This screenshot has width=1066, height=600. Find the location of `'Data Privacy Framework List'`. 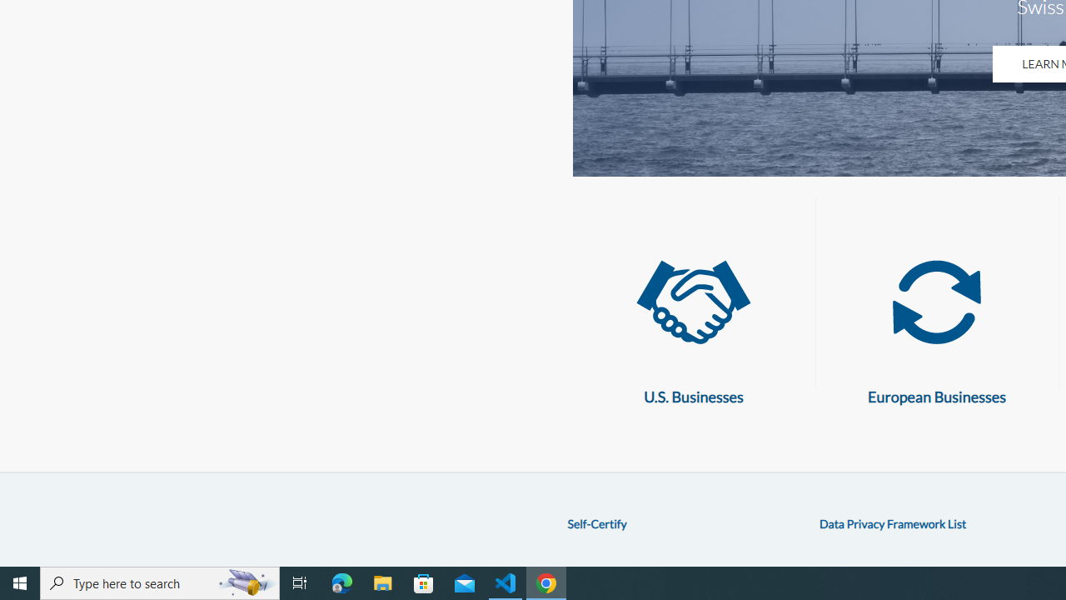

'Data Privacy Framework List' is located at coordinates (892, 522).